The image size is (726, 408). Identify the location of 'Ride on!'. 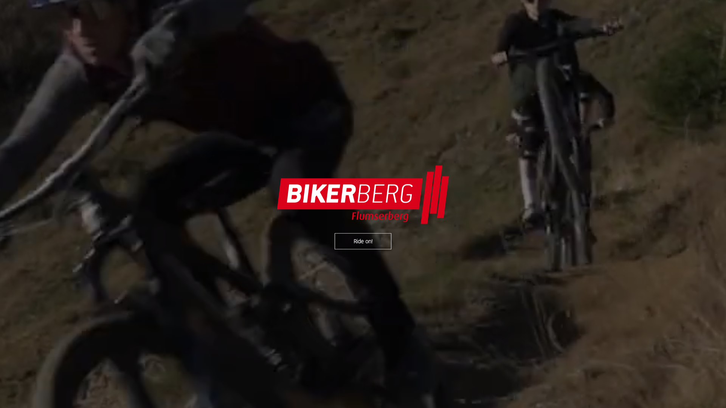
(334, 241).